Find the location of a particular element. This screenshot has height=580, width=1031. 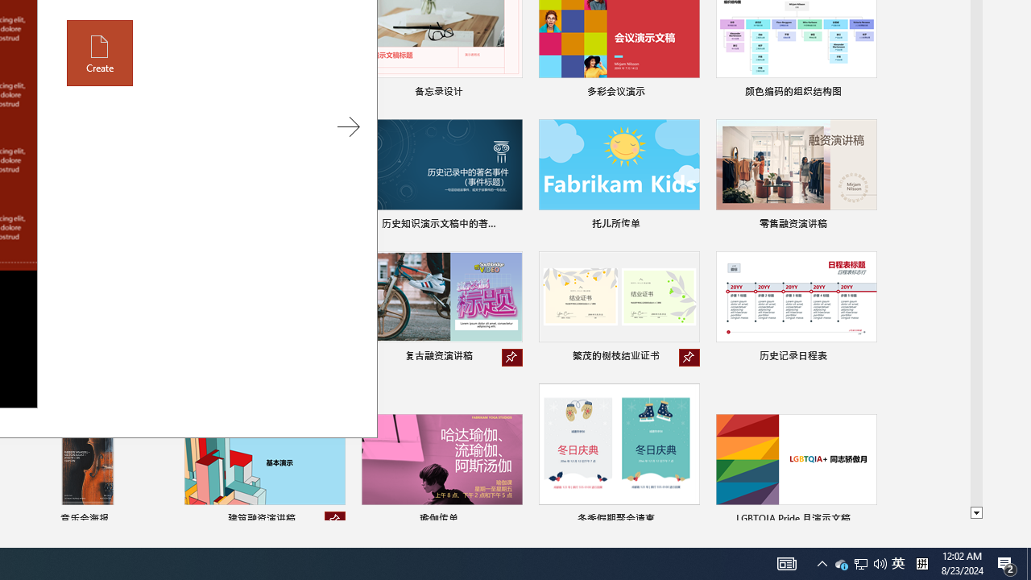

'Create' is located at coordinates (99, 52).